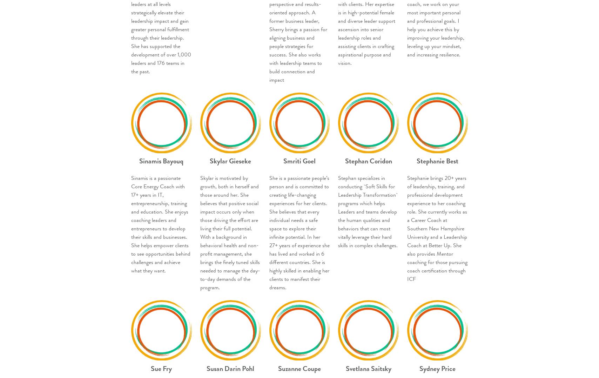 The height and width of the screenshot is (378, 599). What do you see at coordinates (200, 232) in the screenshot?
I see `'Skylar is motivated by growth, both in herself and those around her. She believes that positive social impact occurs only when those driving the effort are living their full potential. With a background in behavioral health and non-profit management, she brings the finely tuned skills needed to manage the day-to-day demands of the program.'` at bounding box center [200, 232].